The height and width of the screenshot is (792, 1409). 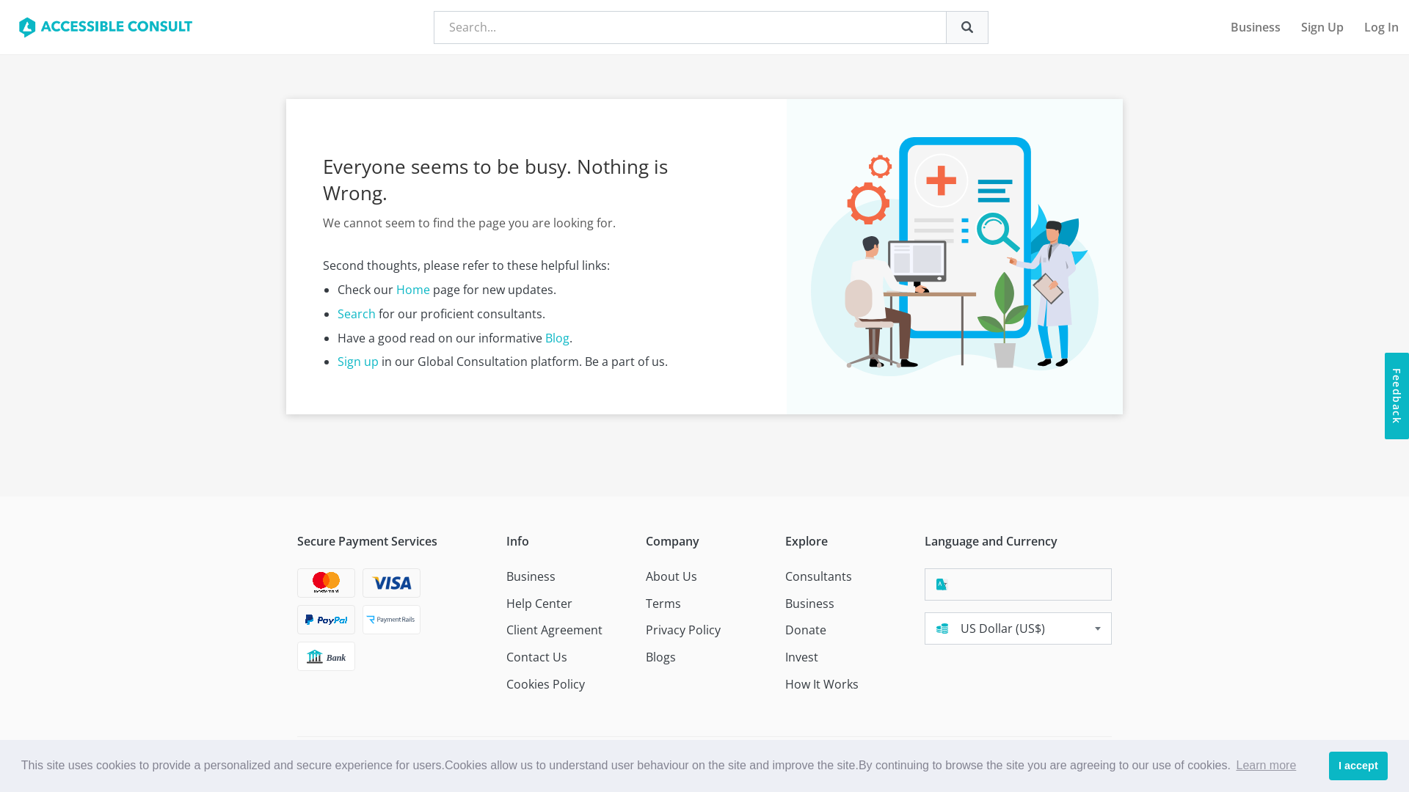 What do you see at coordinates (553, 629) in the screenshot?
I see `'Client Agreement'` at bounding box center [553, 629].